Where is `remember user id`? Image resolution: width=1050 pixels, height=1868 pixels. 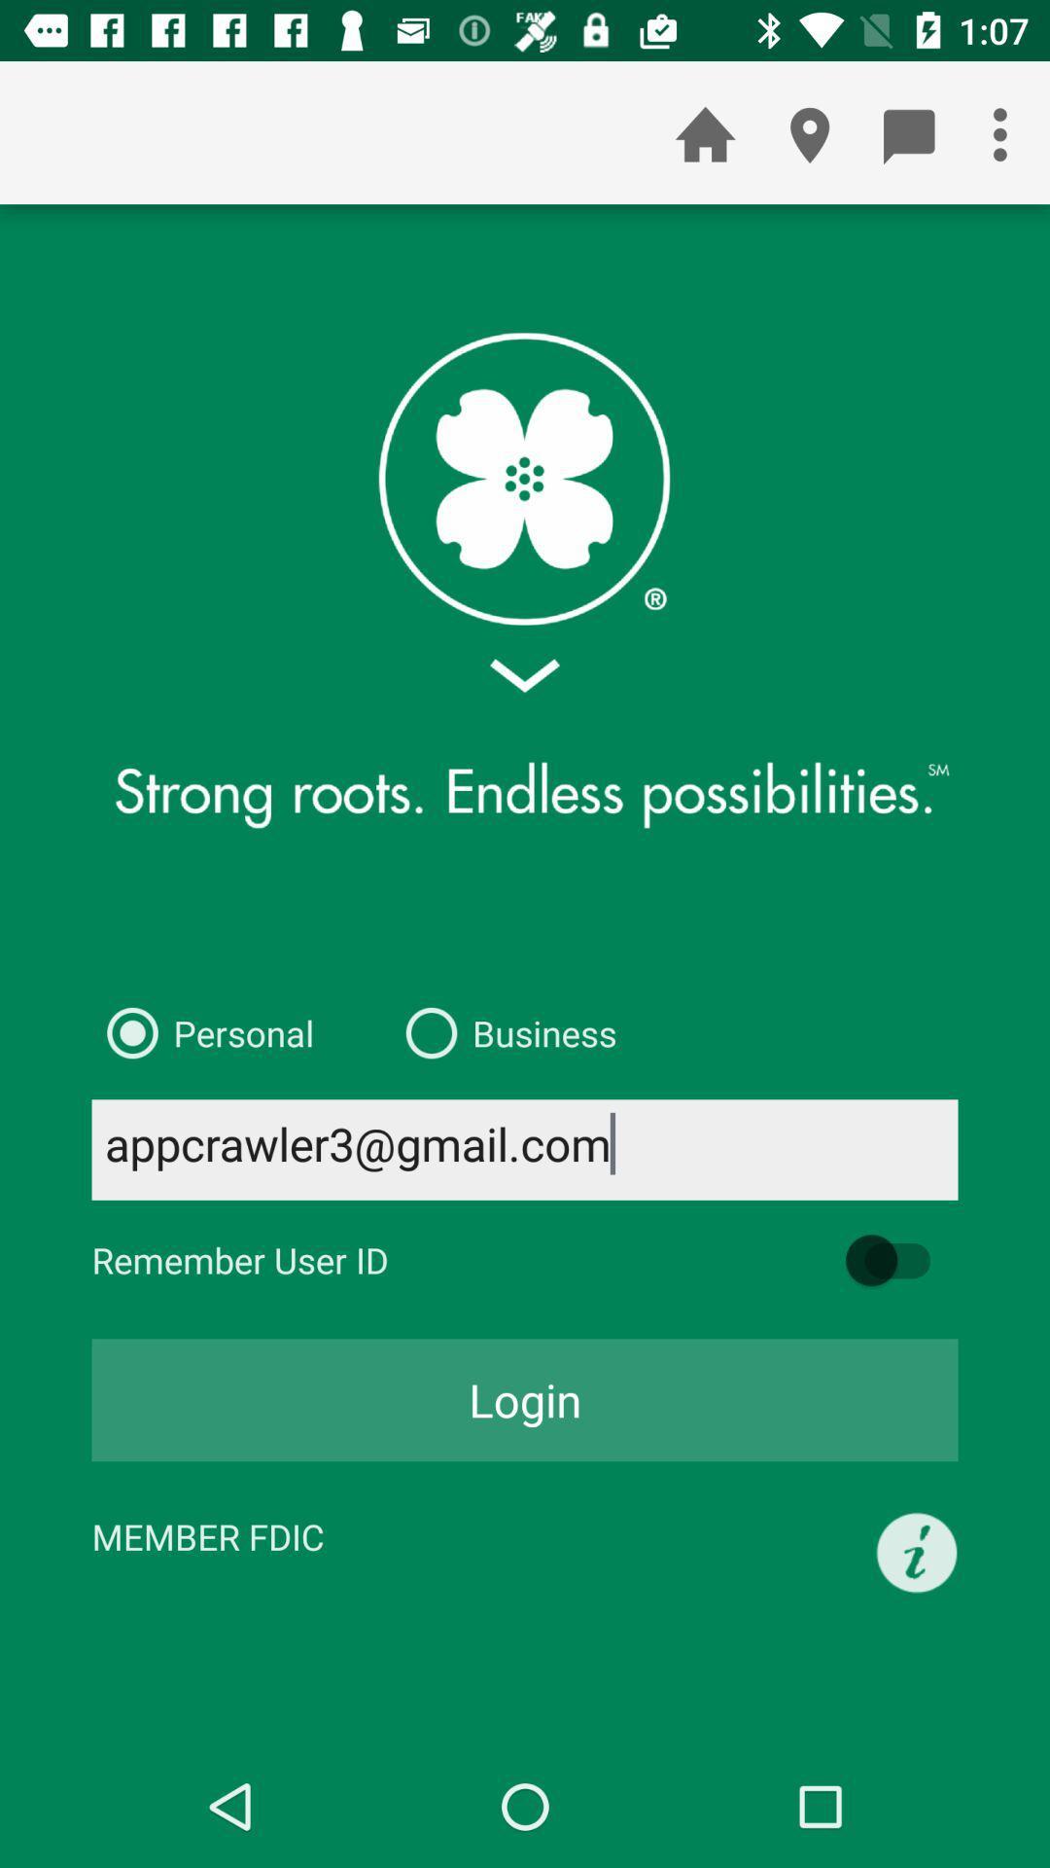 remember user id is located at coordinates (897, 1260).